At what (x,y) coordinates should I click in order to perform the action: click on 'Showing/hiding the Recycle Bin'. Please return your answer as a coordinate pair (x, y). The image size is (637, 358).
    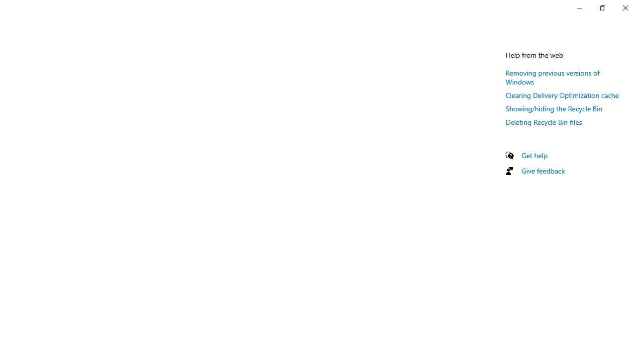
    Looking at the image, I should click on (553, 108).